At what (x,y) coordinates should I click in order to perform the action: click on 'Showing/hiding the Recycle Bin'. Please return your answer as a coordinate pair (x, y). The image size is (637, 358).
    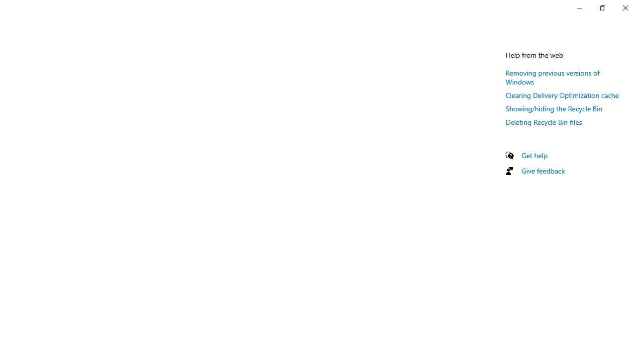
    Looking at the image, I should click on (553, 108).